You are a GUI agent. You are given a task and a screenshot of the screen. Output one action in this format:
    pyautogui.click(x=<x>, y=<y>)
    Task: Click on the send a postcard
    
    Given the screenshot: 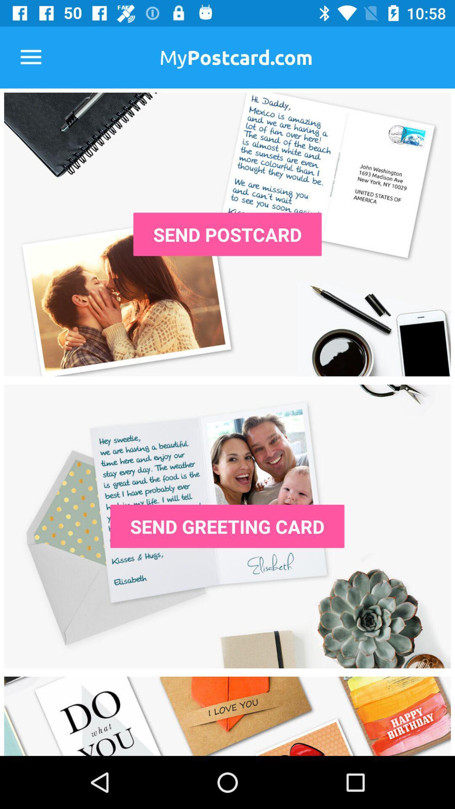 What is the action you would take?
    pyautogui.click(x=227, y=234)
    